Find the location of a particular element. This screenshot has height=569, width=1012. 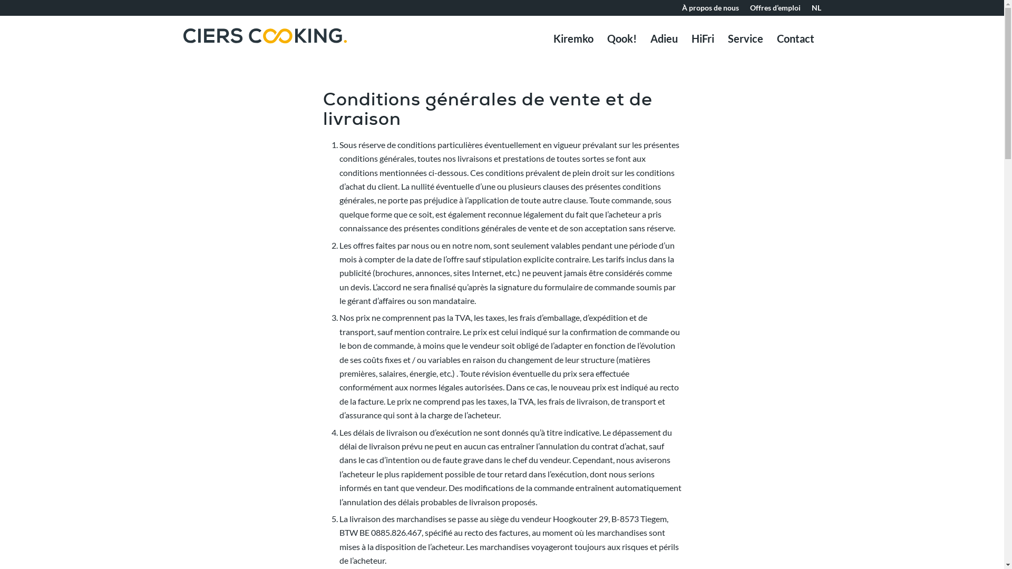

'HiFri' is located at coordinates (702, 38).